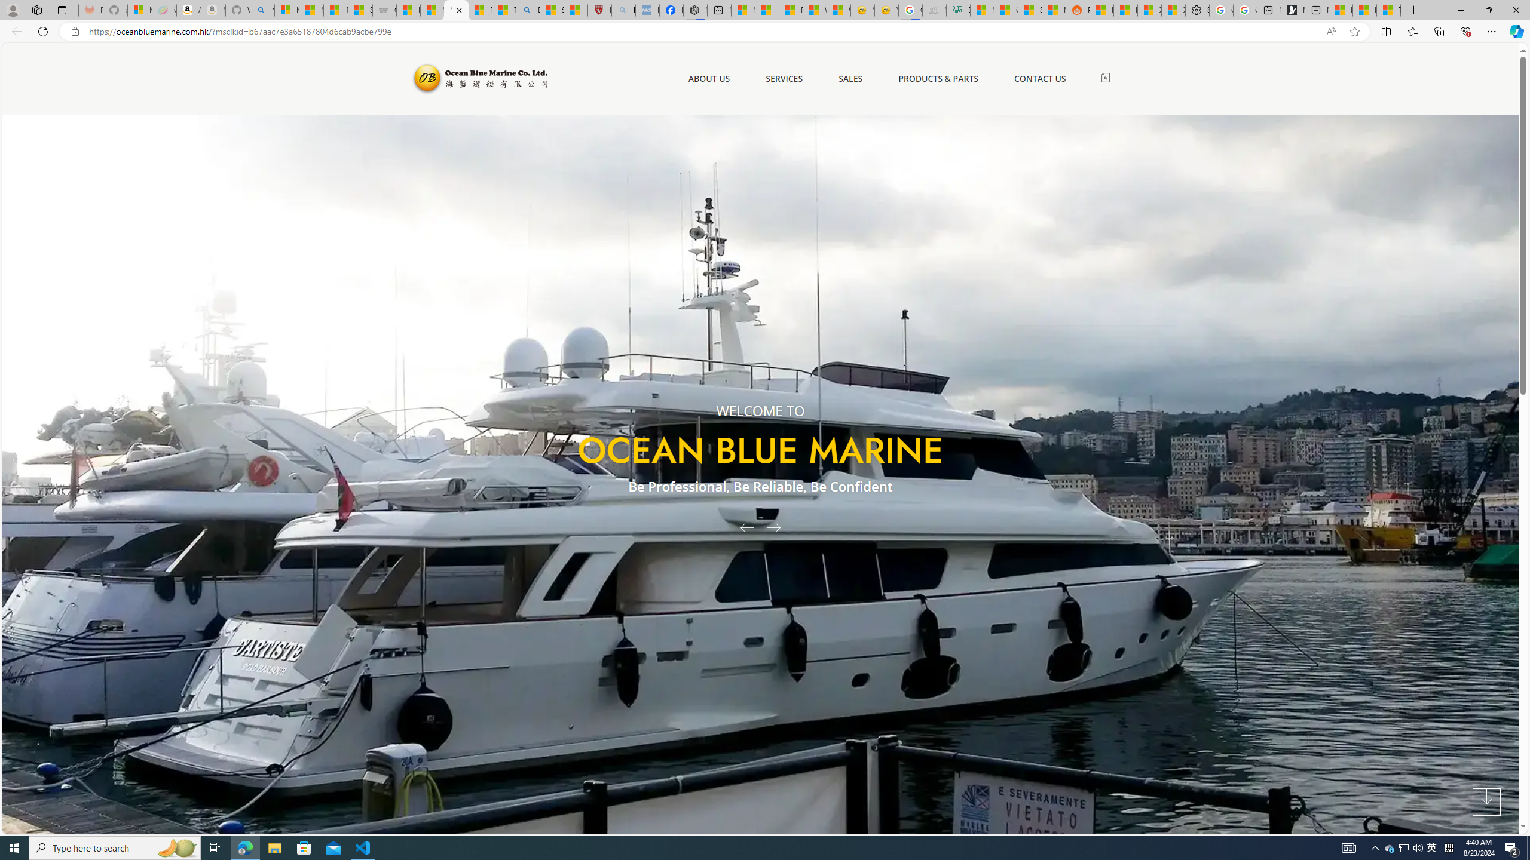 This screenshot has width=1530, height=860. I want to click on 'Nordace - Nordace Siena Is Not An Ordinary Backpack', so click(694, 10).